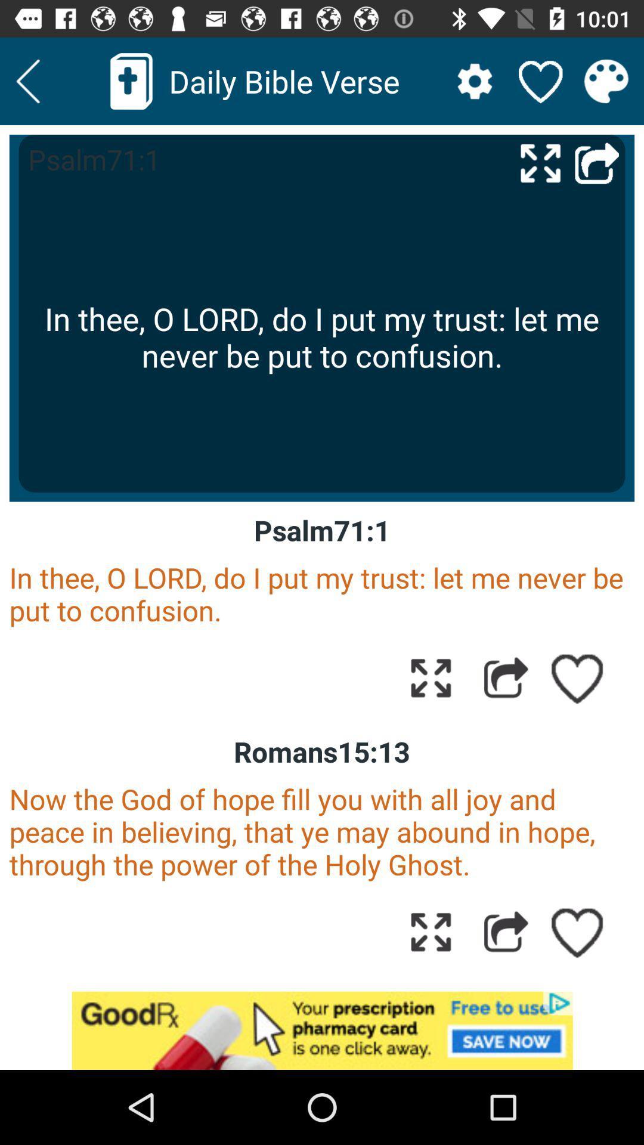 This screenshot has height=1145, width=644. Describe the element at coordinates (606, 81) in the screenshot. I see `information` at that location.